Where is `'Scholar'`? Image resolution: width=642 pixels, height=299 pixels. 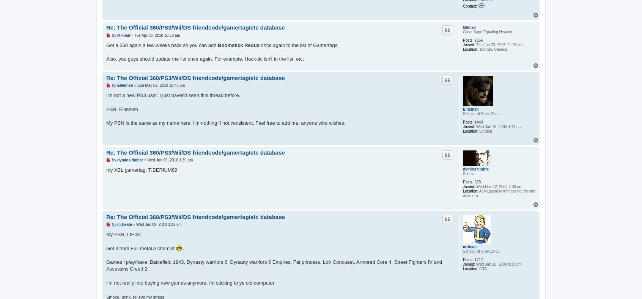 'Scholar' is located at coordinates (469, 174).